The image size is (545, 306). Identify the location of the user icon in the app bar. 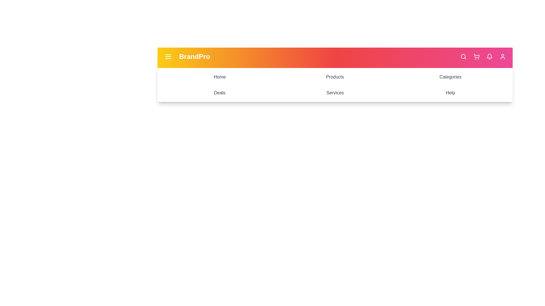
(503, 57).